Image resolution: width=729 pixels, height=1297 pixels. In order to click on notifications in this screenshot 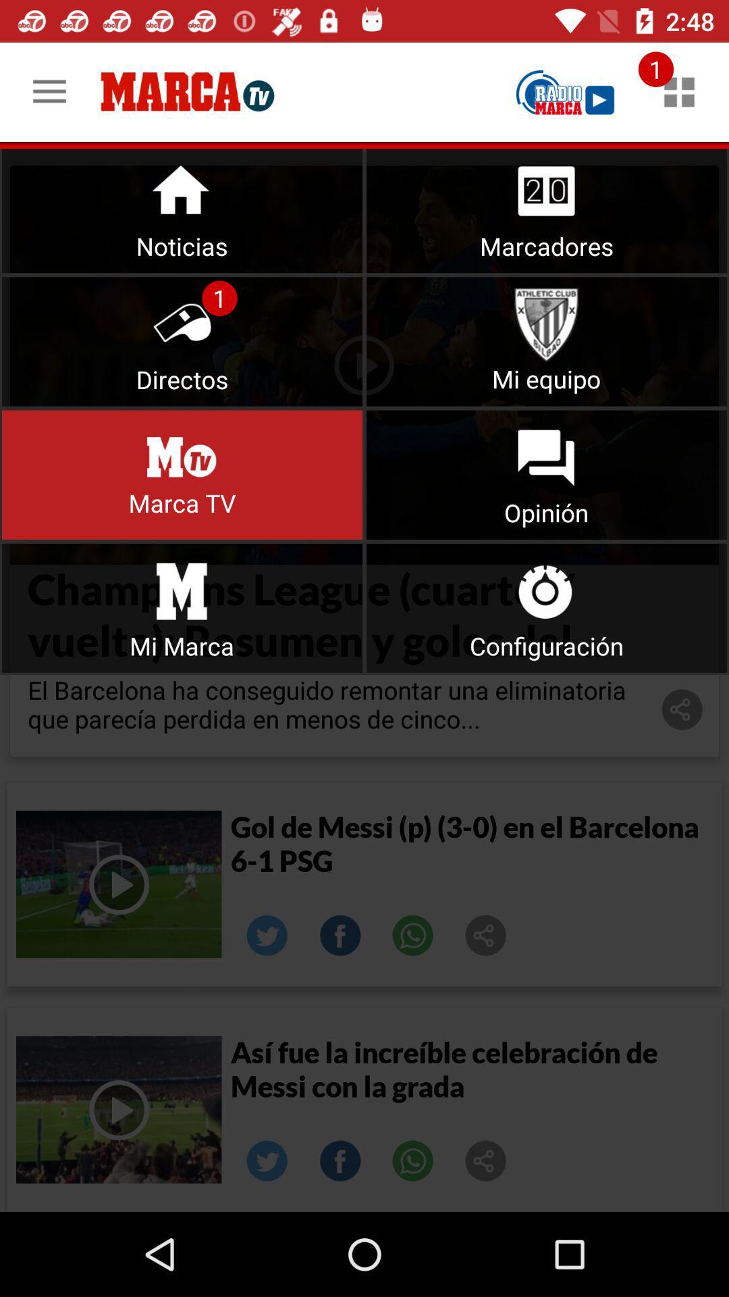, I will do `click(679, 91)`.